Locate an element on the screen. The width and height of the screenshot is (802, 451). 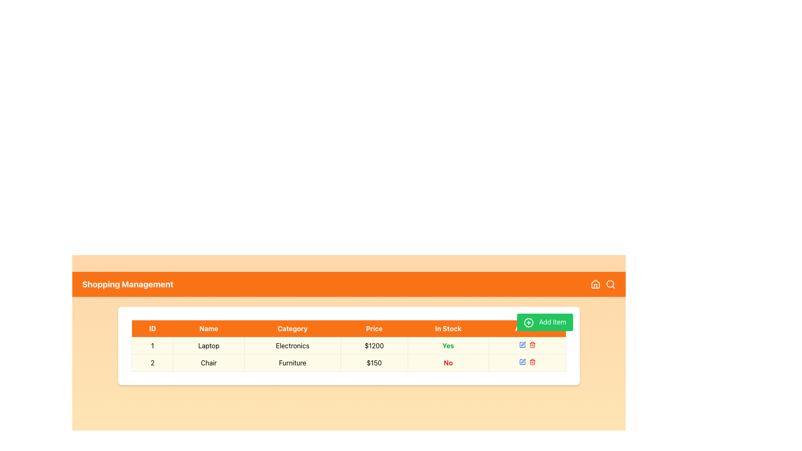
the red delete icon located in the last column of the second row of the table, aligned with the row labeled 'Chair' under the 'Name' column is located at coordinates (527, 362).